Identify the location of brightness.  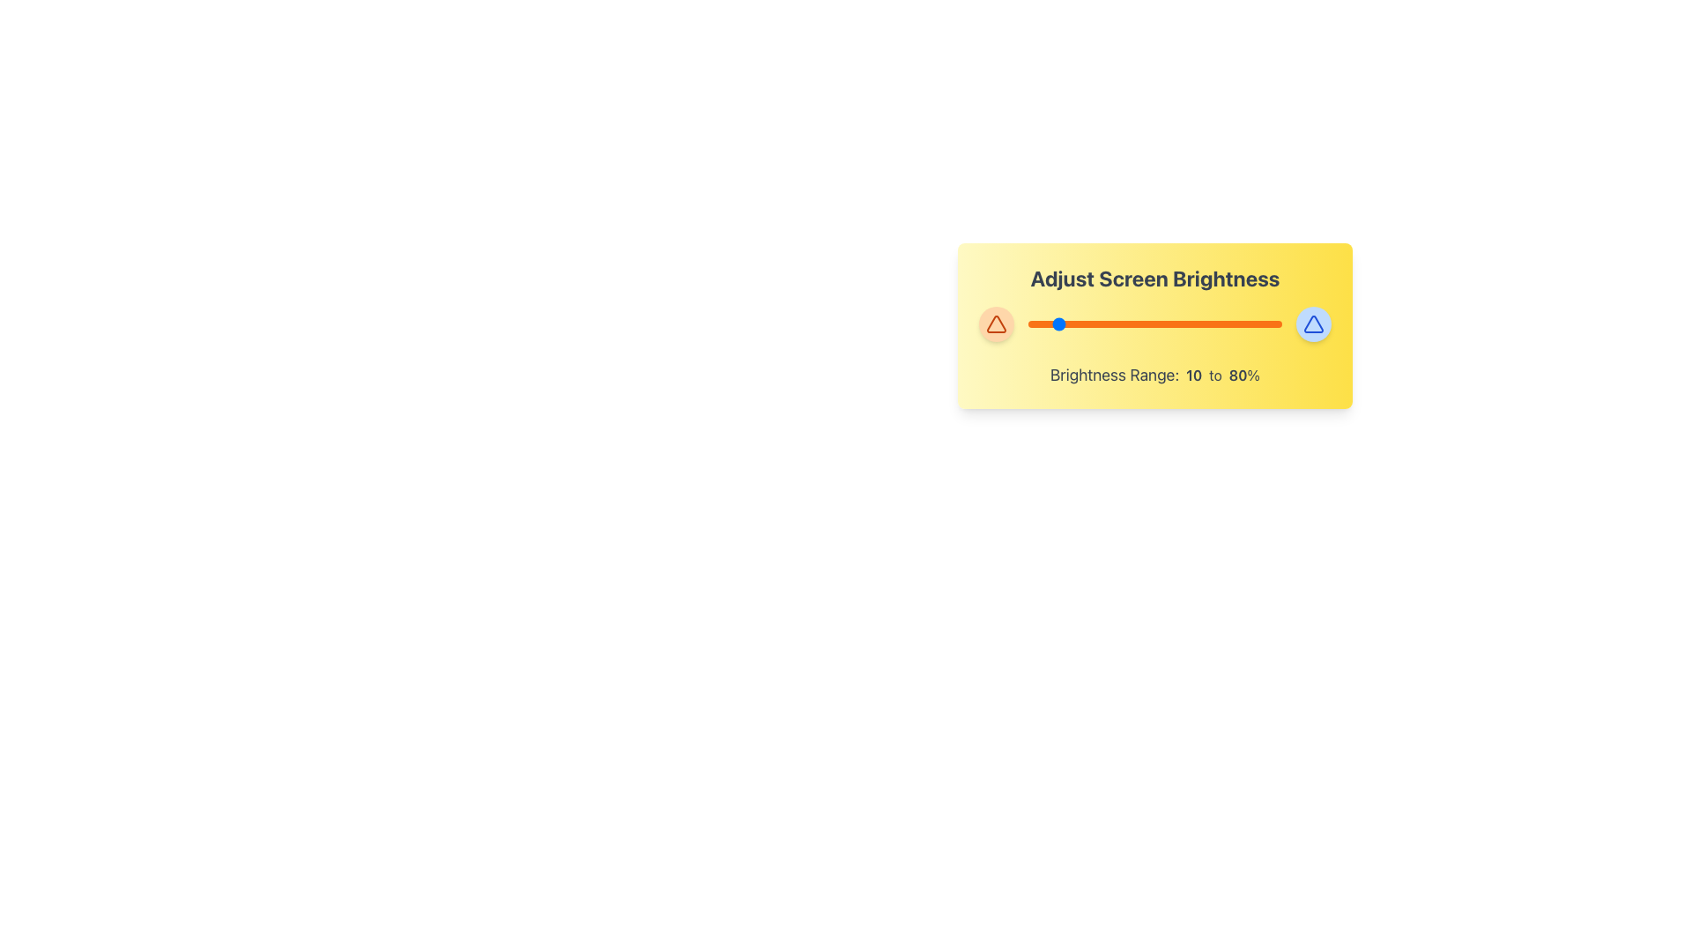
(1046, 324).